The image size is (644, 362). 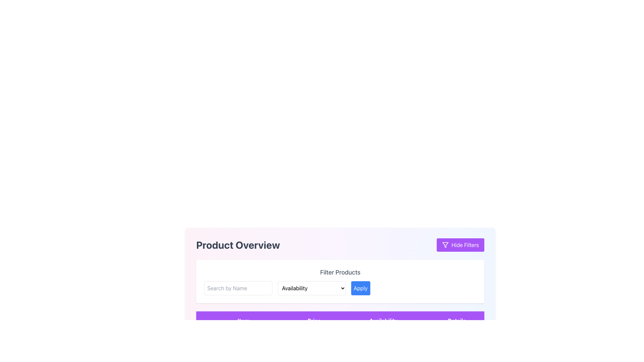 I want to click on the 'Apply' button, which is a rectangular button with rounded corners, blue background, and white text, located to the right of the 'Availability' dropdown in the 'Filter Products' section, so click(x=360, y=288).